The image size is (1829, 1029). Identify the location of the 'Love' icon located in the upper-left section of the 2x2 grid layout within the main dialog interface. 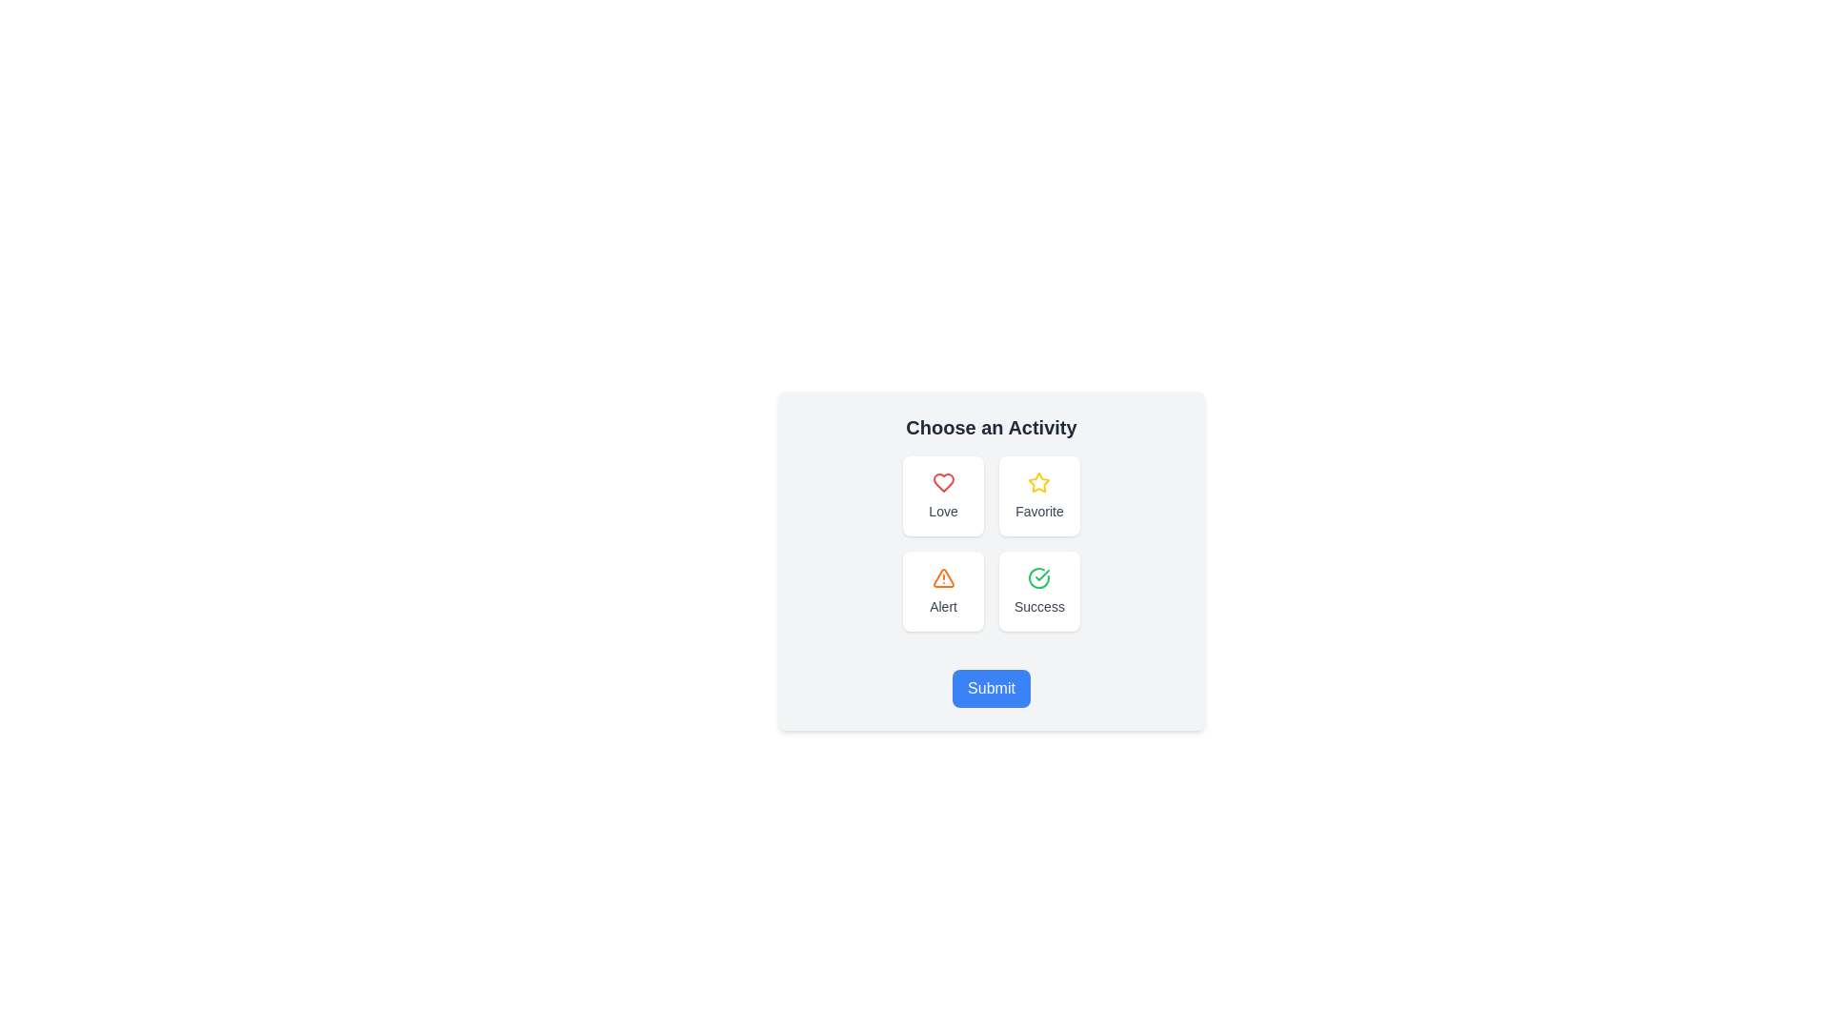
(943, 481).